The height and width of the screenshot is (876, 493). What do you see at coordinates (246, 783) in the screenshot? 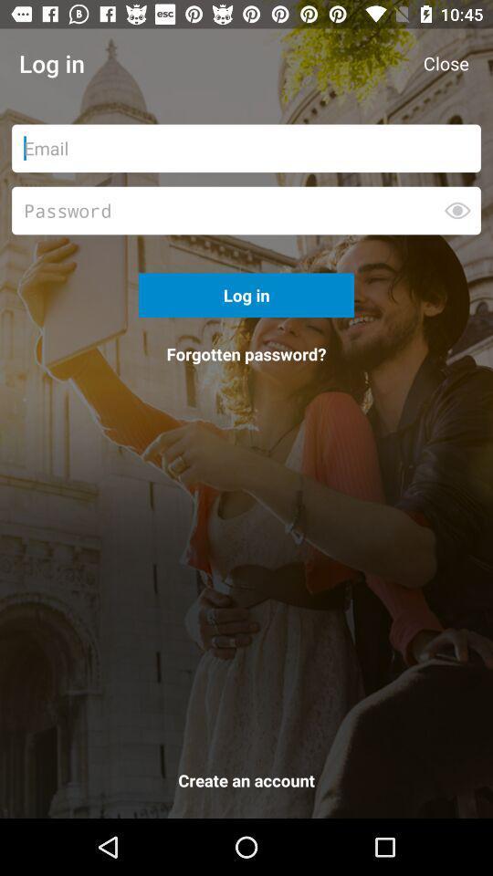
I see `create an account item` at bounding box center [246, 783].